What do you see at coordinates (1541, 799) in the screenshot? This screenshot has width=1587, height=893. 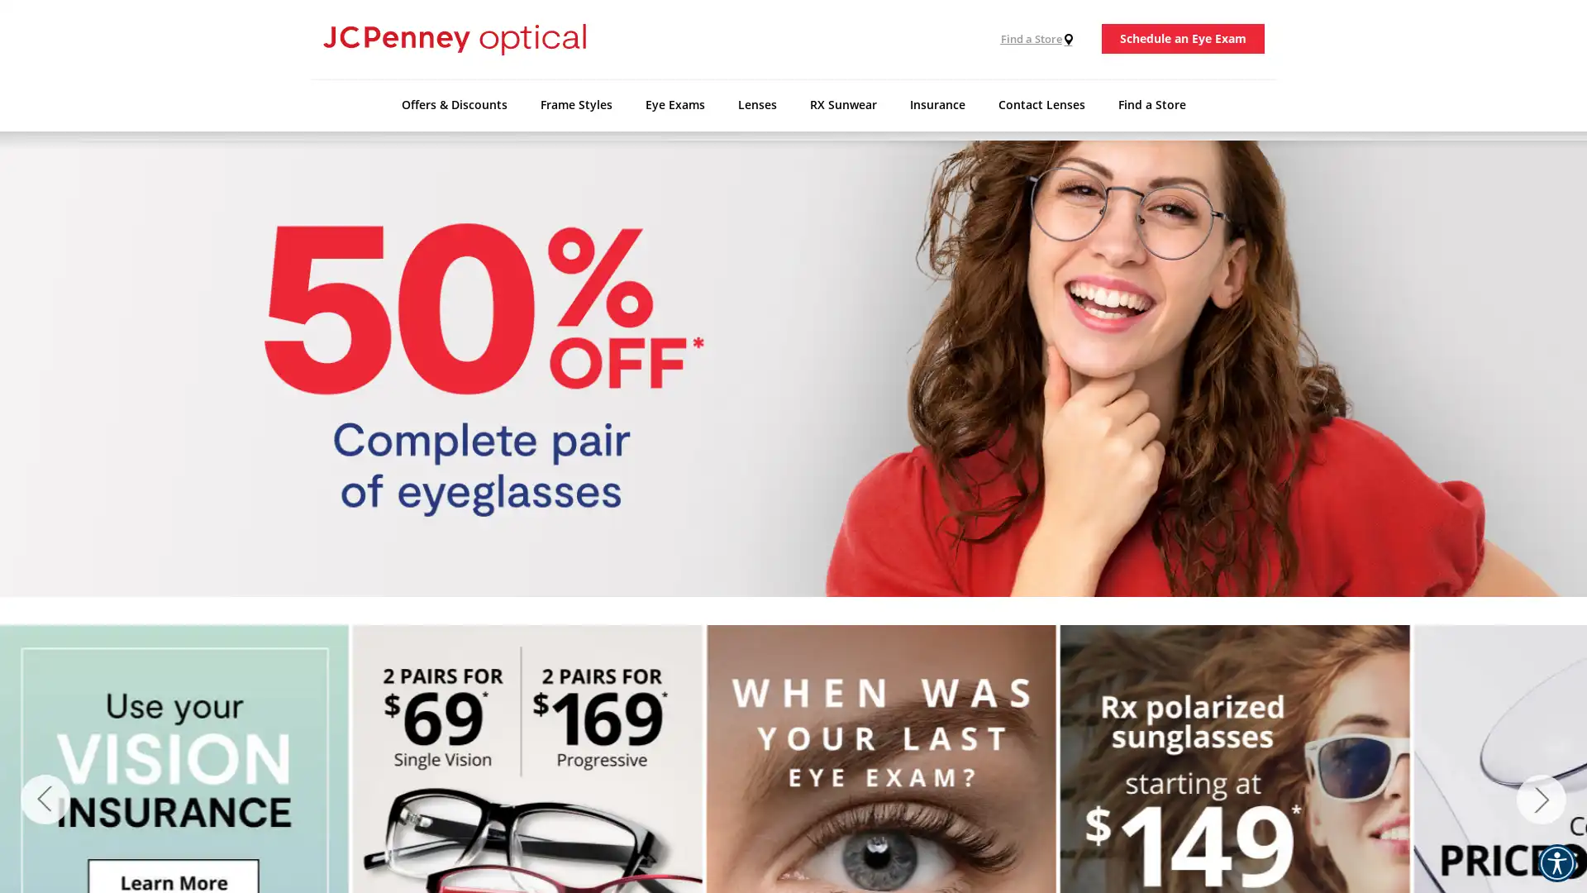 I see `next` at bounding box center [1541, 799].